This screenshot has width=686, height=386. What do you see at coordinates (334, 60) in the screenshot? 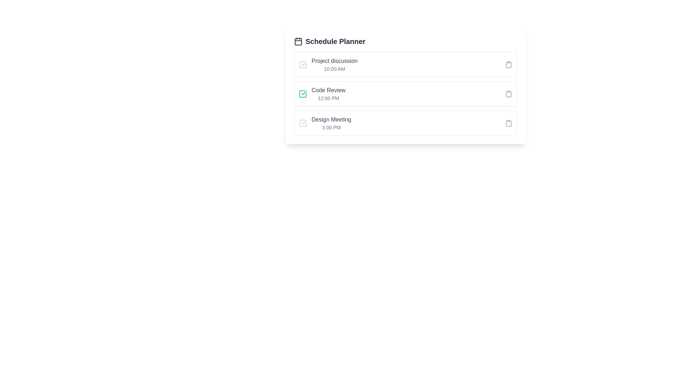
I see `the task name Project discussion to inspect its details` at bounding box center [334, 60].